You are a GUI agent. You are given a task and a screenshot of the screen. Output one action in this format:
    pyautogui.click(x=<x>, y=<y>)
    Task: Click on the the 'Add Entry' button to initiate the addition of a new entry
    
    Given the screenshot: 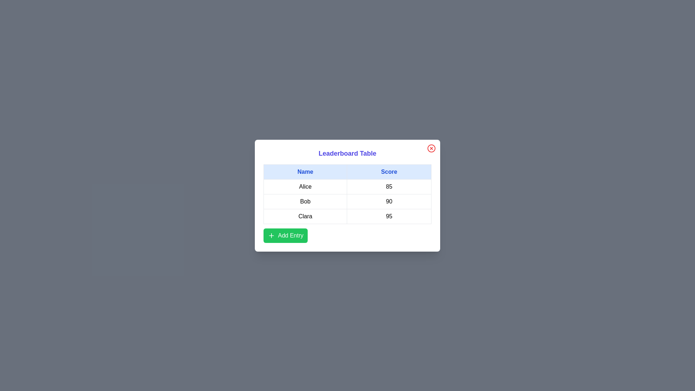 What is the action you would take?
    pyautogui.click(x=285, y=235)
    